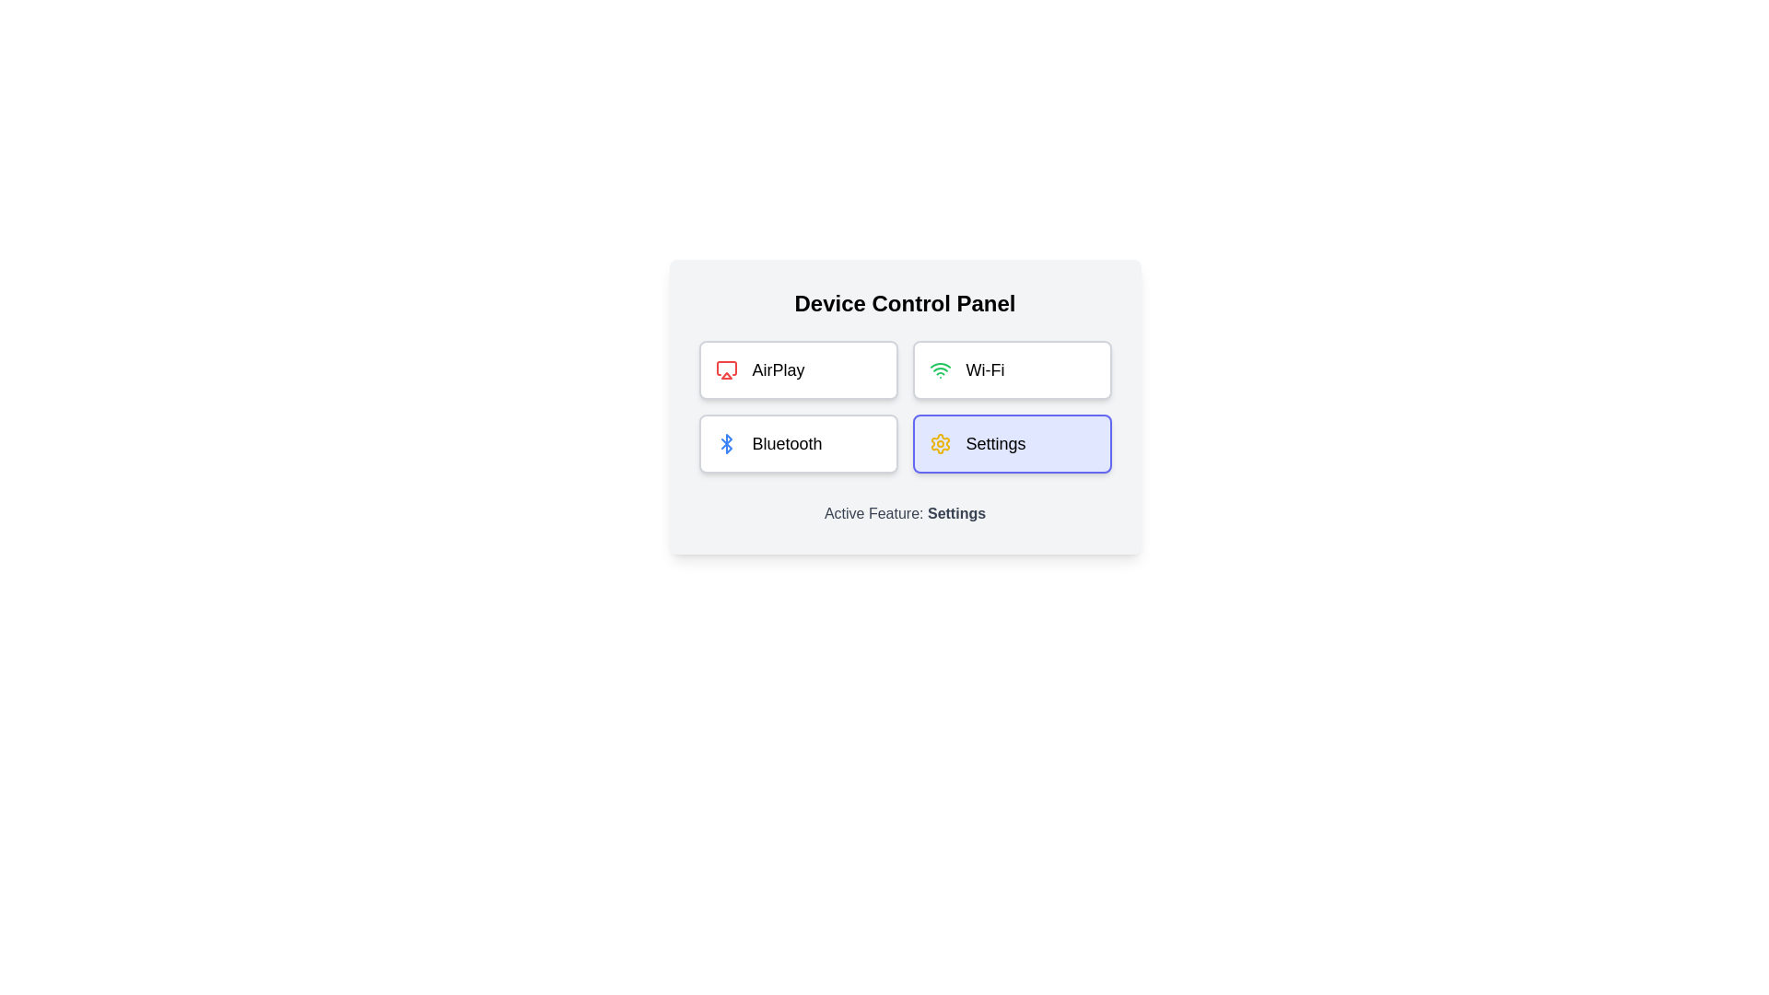 This screenshot has height=995, width=1769. I want to click on the feature button Settings to view its hover effect, so click(1011, 444).